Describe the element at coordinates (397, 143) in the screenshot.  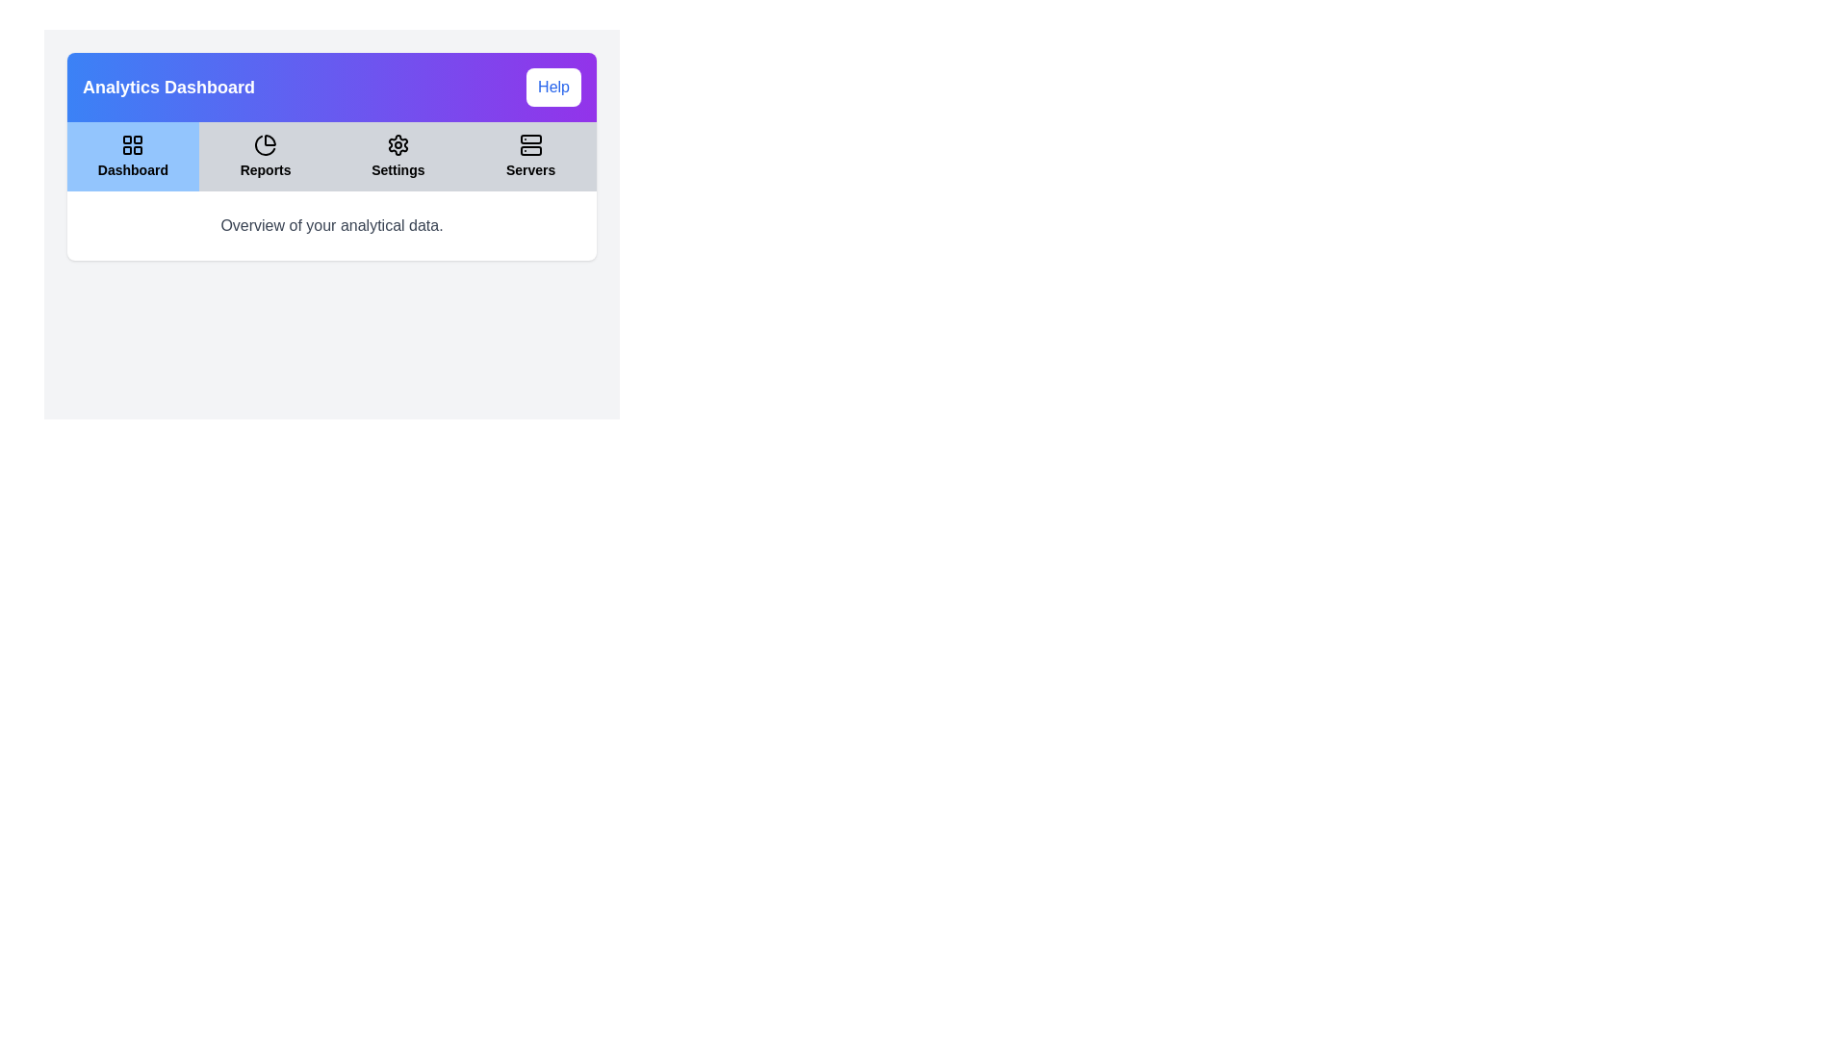
I see `the gear icon in the navigation bar` at that location.